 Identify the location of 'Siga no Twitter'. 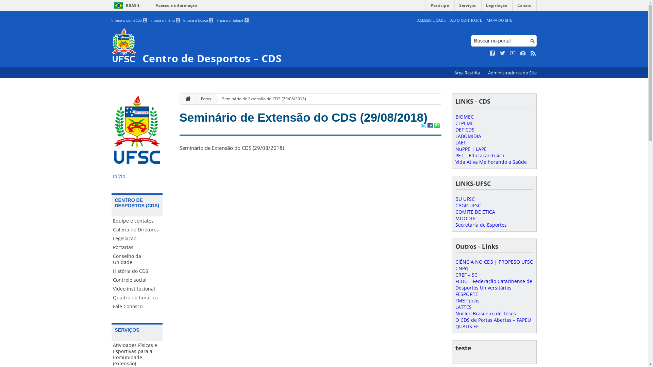
(503, 53).